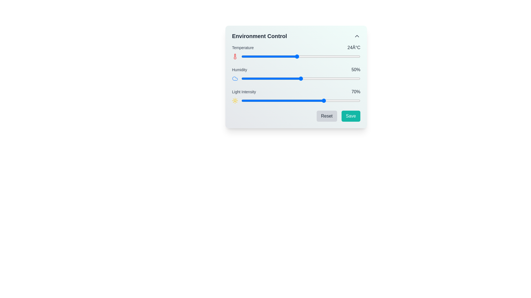  Describe the element at coordinates (264, 101) in the screenshot. I see `the light intensity` at that location.